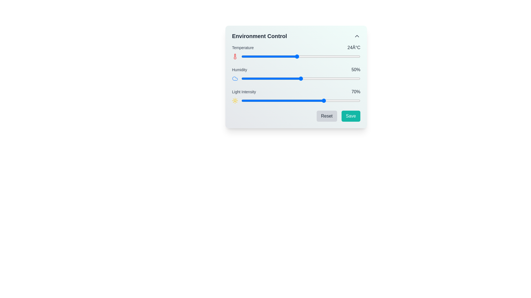  Describe the element at coordinates (264, 101) in the screenshot. I see `the light intensity` at that location.